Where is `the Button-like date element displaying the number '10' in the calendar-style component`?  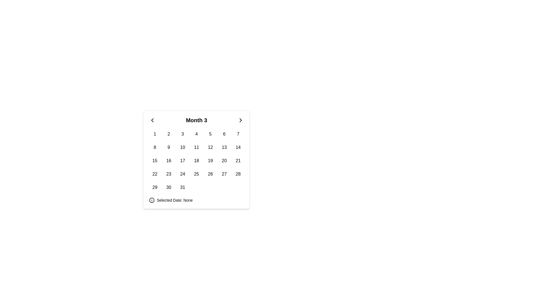
the Button-like date element displaying the number '10' in the calendar-style component is located at coordinates (182, 147).